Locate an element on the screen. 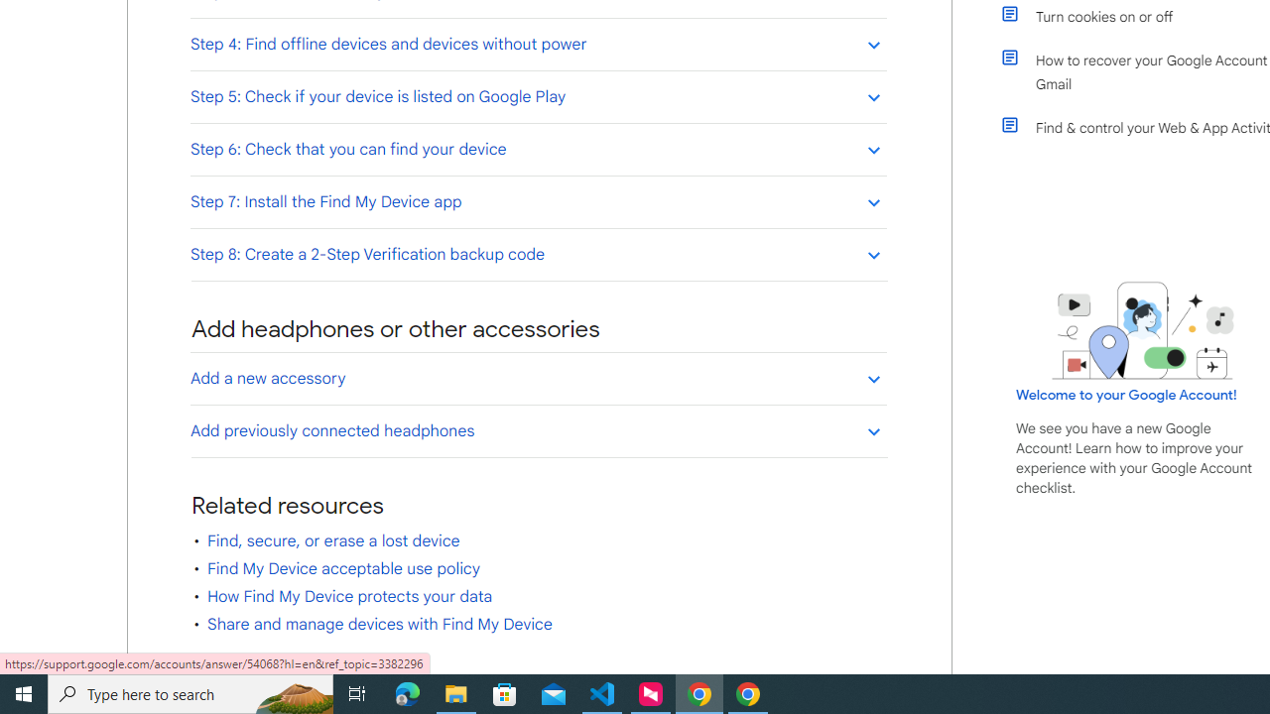 This screenshot has height=714, width=1270. 'Step 6: Check that you can find your device' is located at coordinates (538, 148).